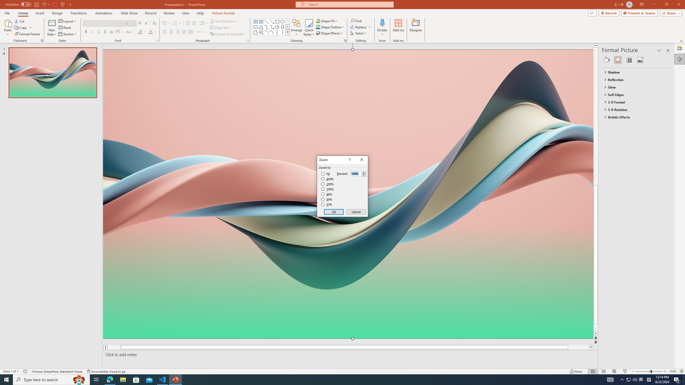 Image resolution: width=685 pixels, height=385 pixels. I want to click on 'Show desktop', so click(684, 379).